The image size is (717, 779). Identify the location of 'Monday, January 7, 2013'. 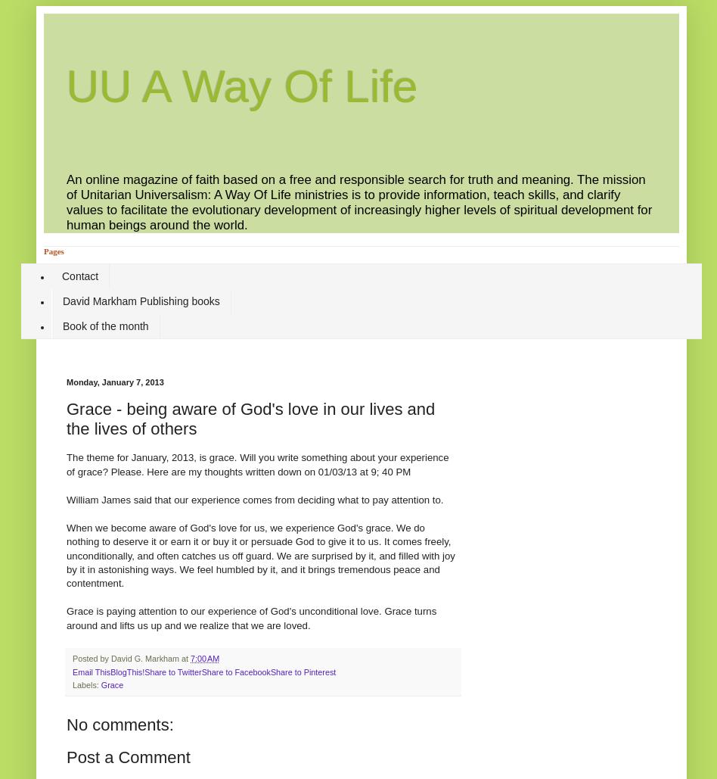
(113, 382).